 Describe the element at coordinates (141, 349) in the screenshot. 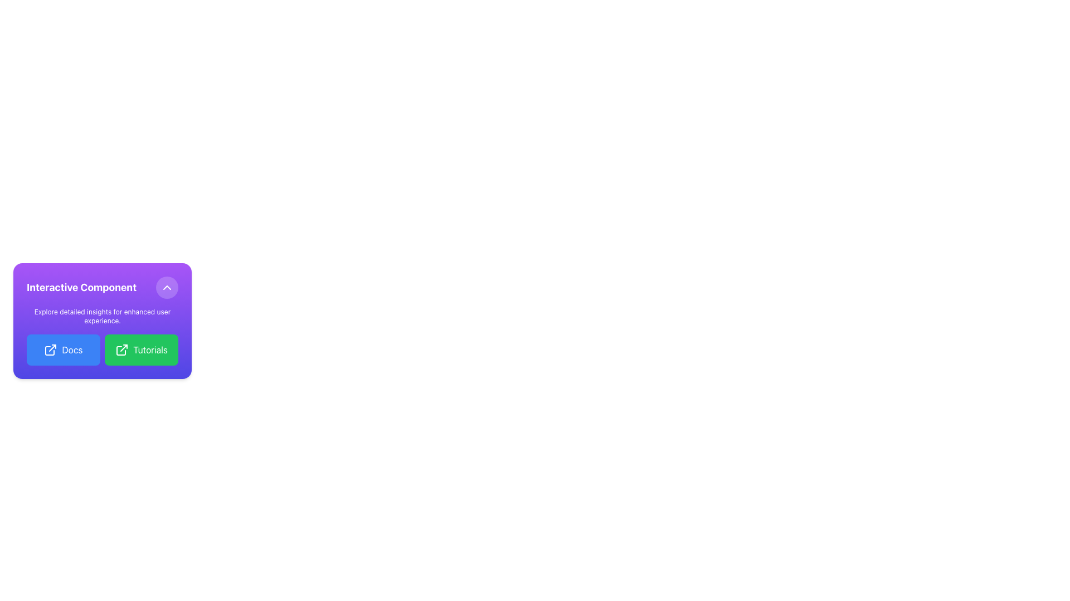

I see `the green rectangular button labeled 'Tutorials' with an external link icon` at that location.